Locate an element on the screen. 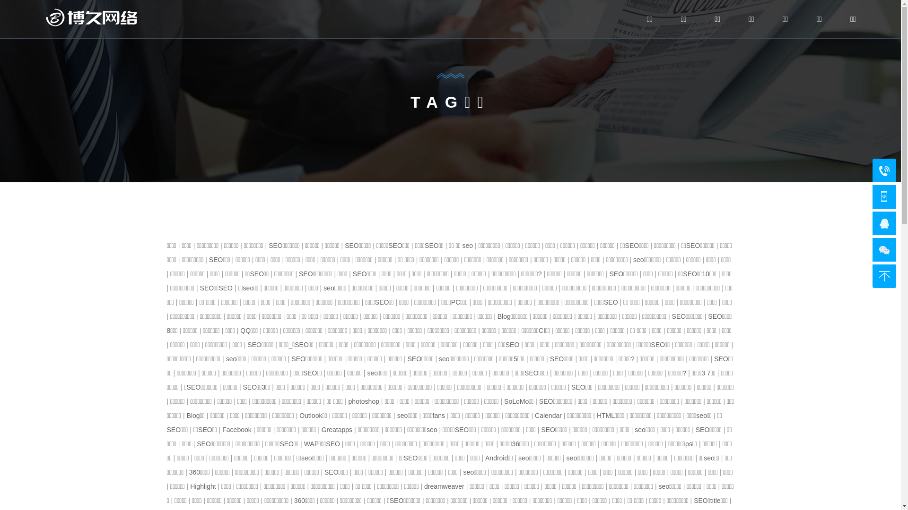 The width and height of the screenshot is (908, 510). 'Facebook' is located at coordinates (236, 430).